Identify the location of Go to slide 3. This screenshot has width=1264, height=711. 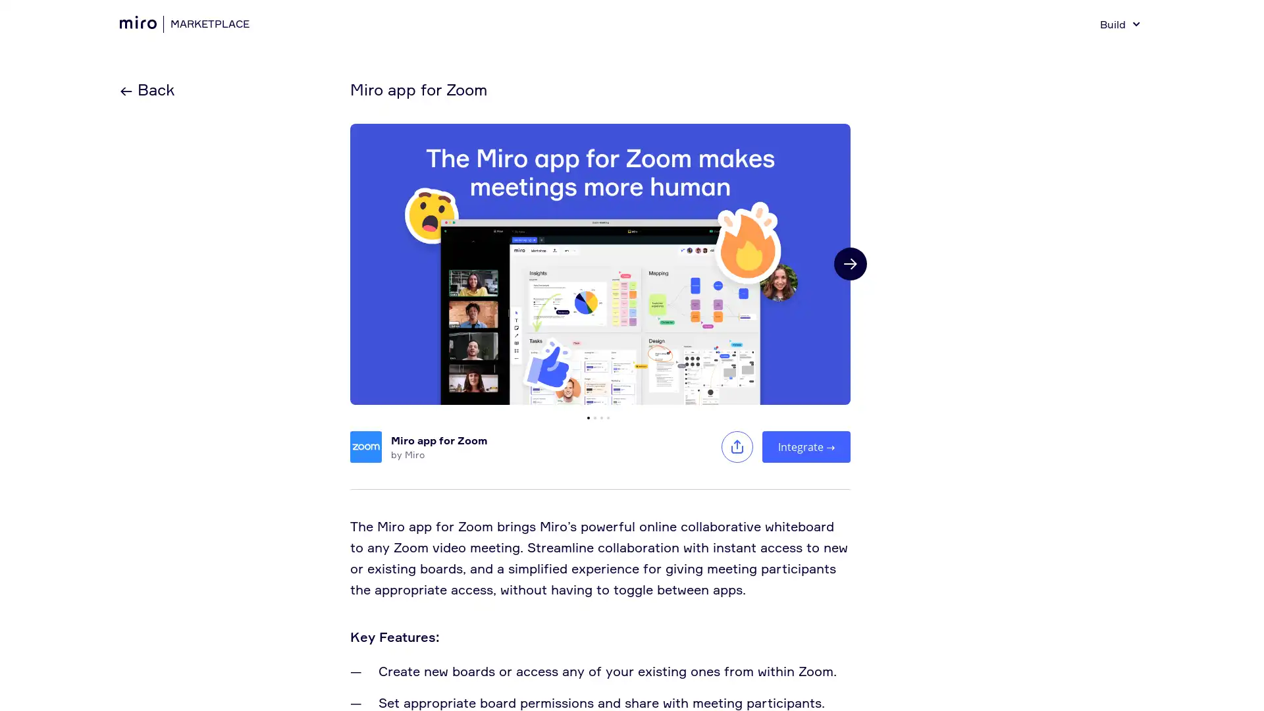
(600, 417).